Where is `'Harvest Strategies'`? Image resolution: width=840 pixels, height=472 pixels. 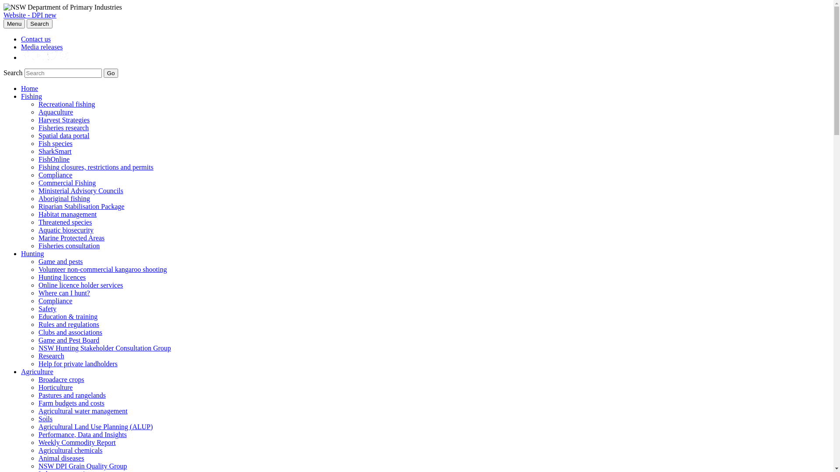
'Harvest Strategies' is located at coordinates (63, 120).